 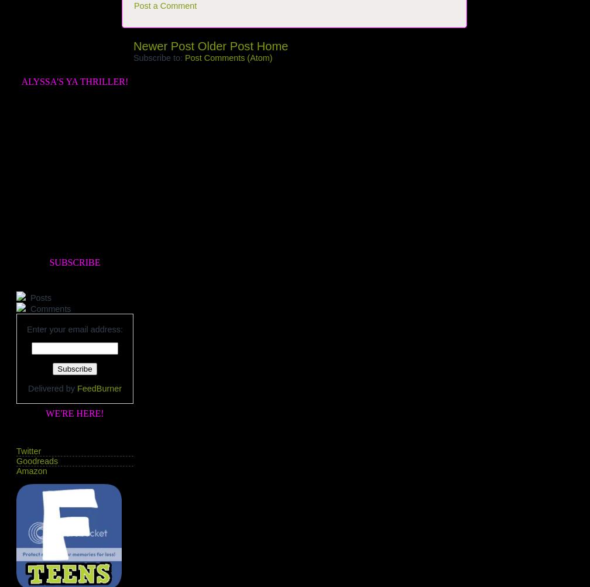 I want to click on 'Goodreads', so click(x=37, y=459).